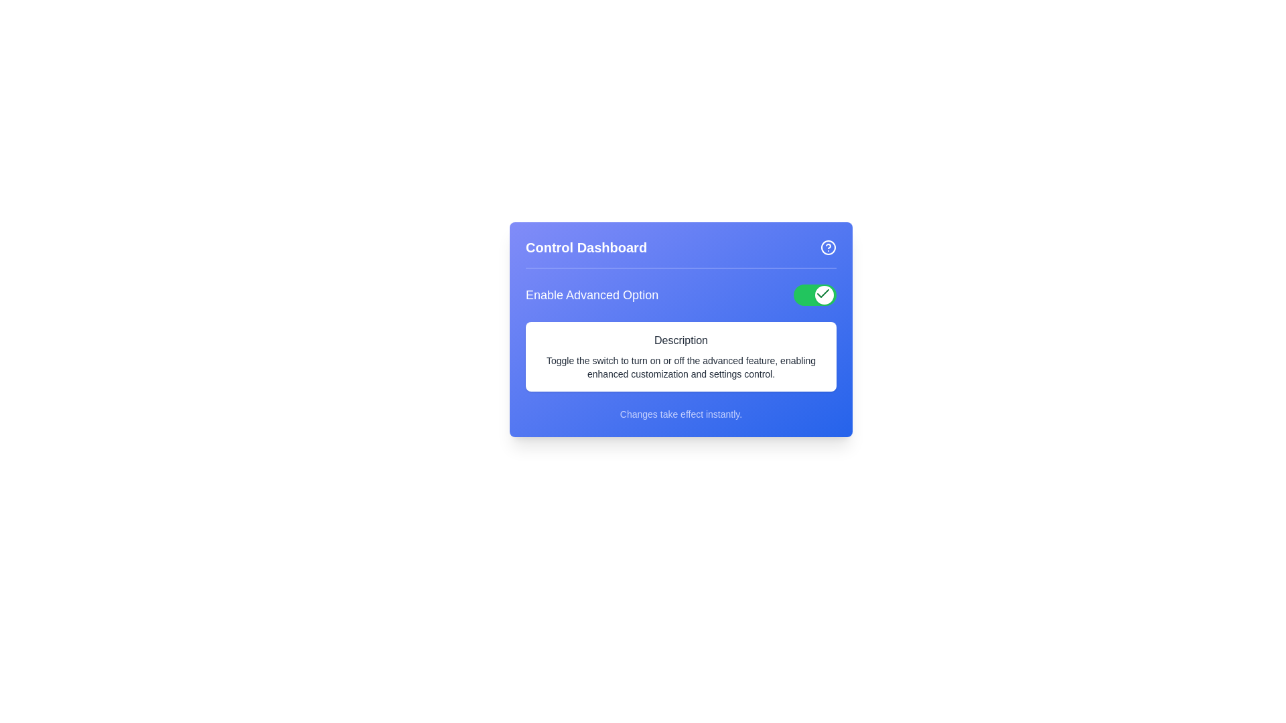 The height and width of the screenshot is (723, 1286). I want to click on the green toggle button indicating the enabled state of the feature, located to the right of 'Enable Advanced Option' to trigger a tooltip or highlight effect, so click(822, 293).